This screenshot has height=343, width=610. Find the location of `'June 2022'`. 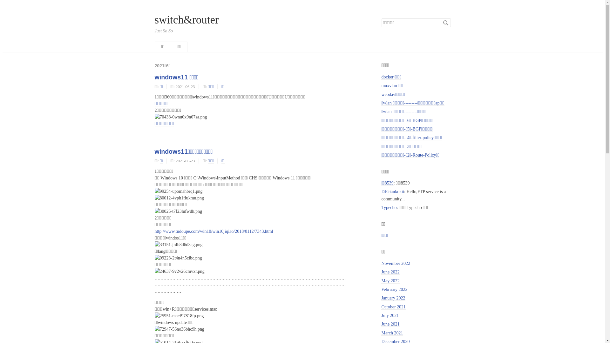

'June 2022' is located at coordinates (390, 272).